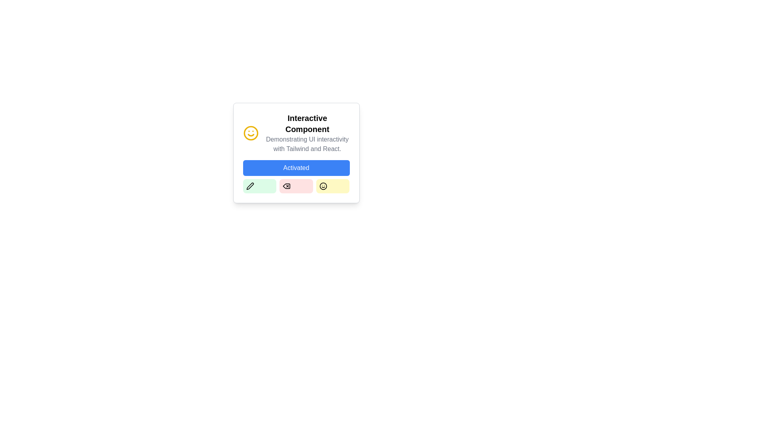  Describe the element at coordinates (323, 186) in the screenshot. I see `the outer circle of the SVG smiley face icon positioned in the top-left corner of the interactive component card` at that location.